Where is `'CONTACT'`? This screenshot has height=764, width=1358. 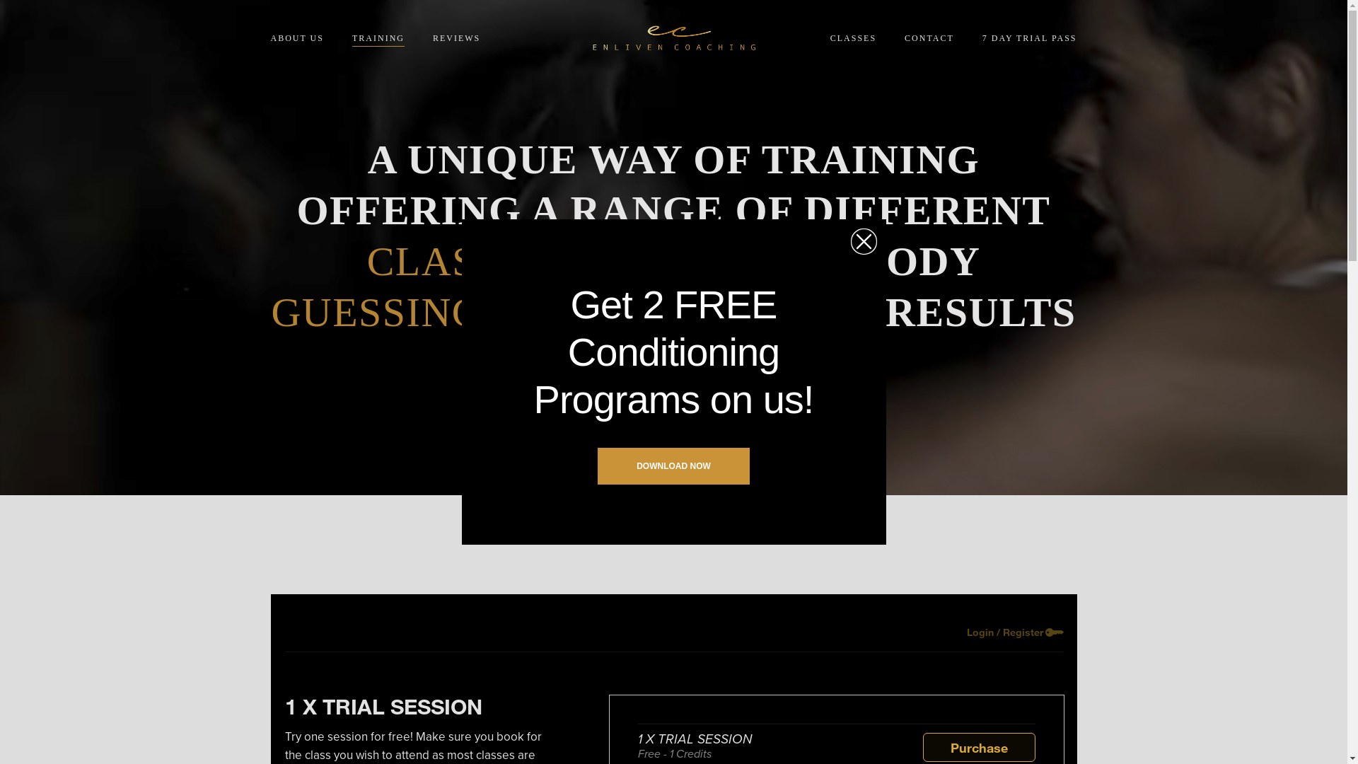
'CONTACT' is located at coordinates (929, 37).